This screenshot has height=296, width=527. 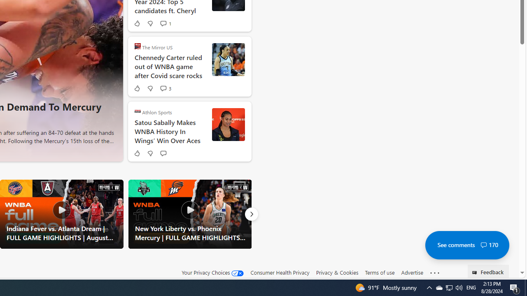 What do you see at coordinates (138, 111) in the screenshot?
I see `'Athlon Sports'` at bounding box center [138, 111].